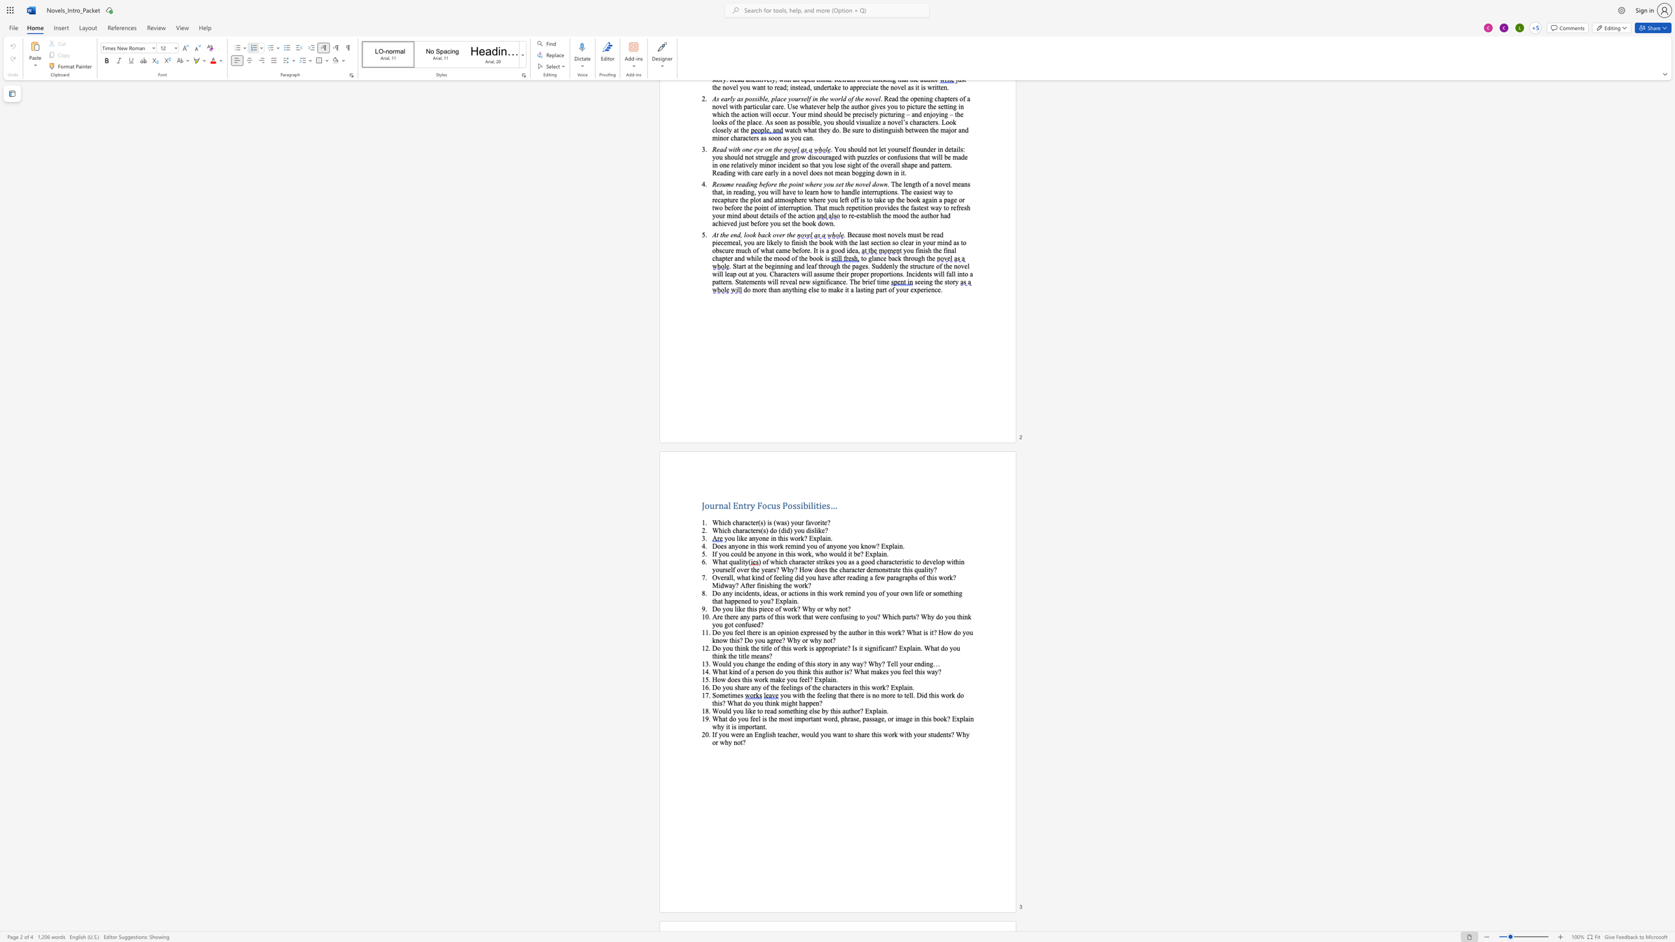 This screenshot has height=942, width=1675. What do you see at coordinates (810, 679) in the screenshot?
I see `the 1th character "?" in the text` at bounding box center [810, 679].